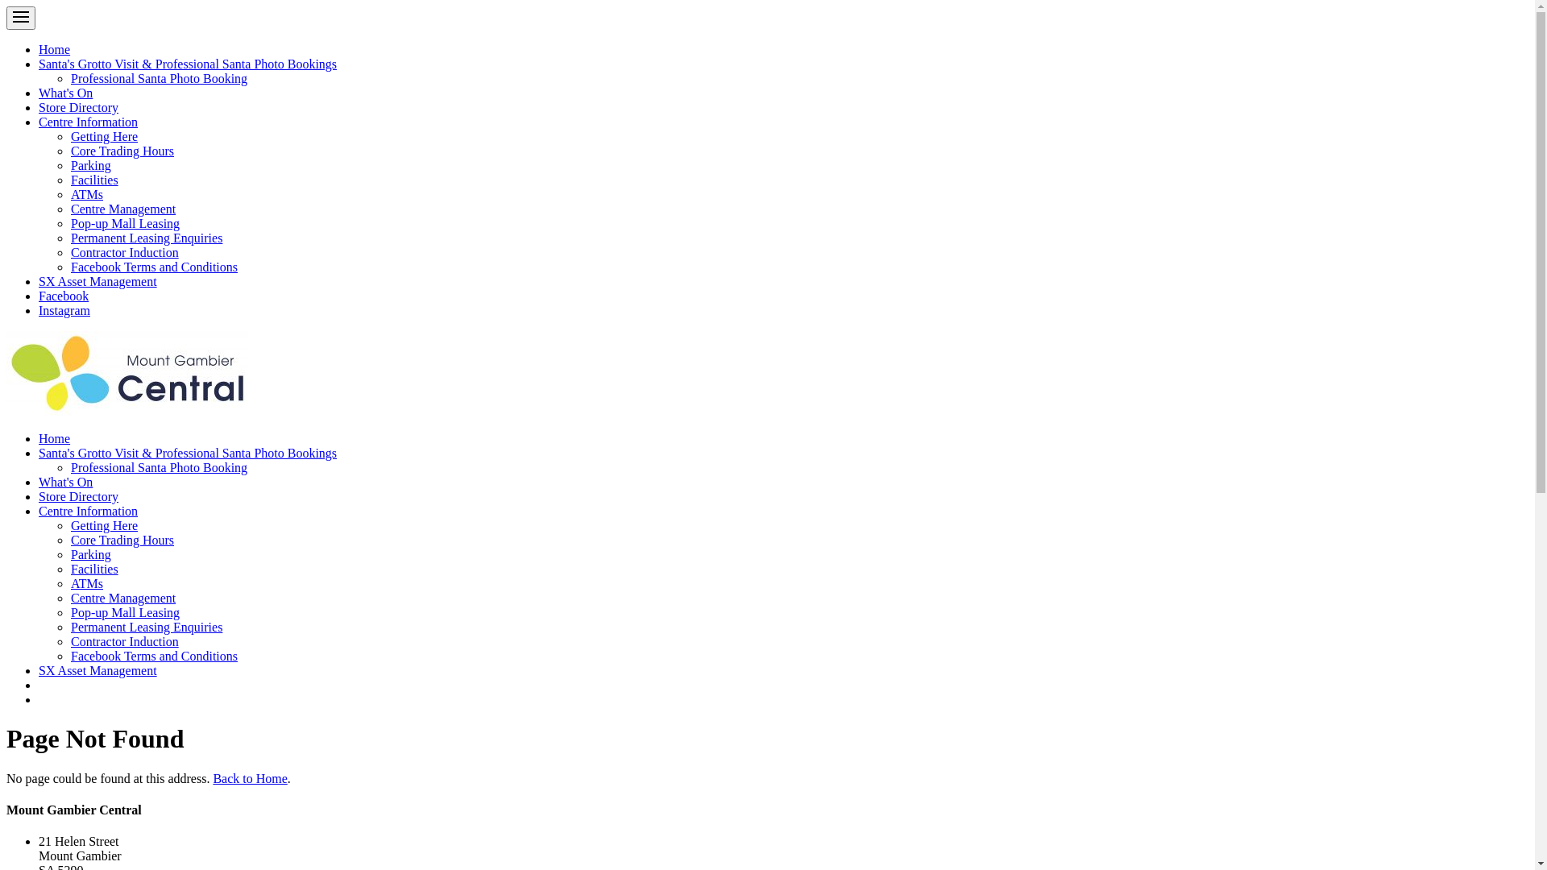 The width and height of the screenshot is (1547, 870). I want to click on 'Facilities', so click(93, 568).